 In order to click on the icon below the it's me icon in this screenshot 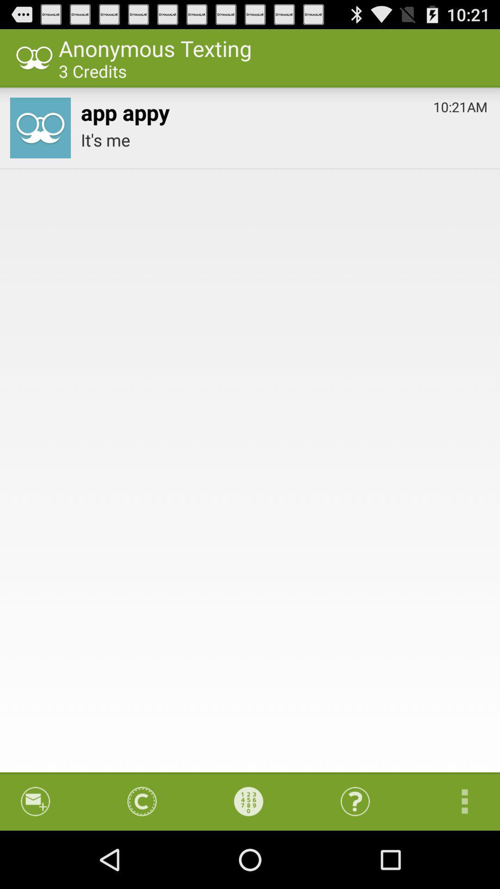, I will do `click(455, 801)`.